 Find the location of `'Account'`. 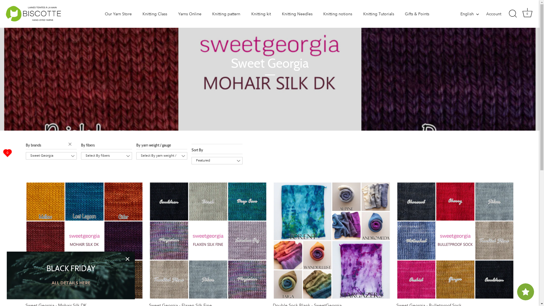

'Account' is located at coordinates (499, 14).